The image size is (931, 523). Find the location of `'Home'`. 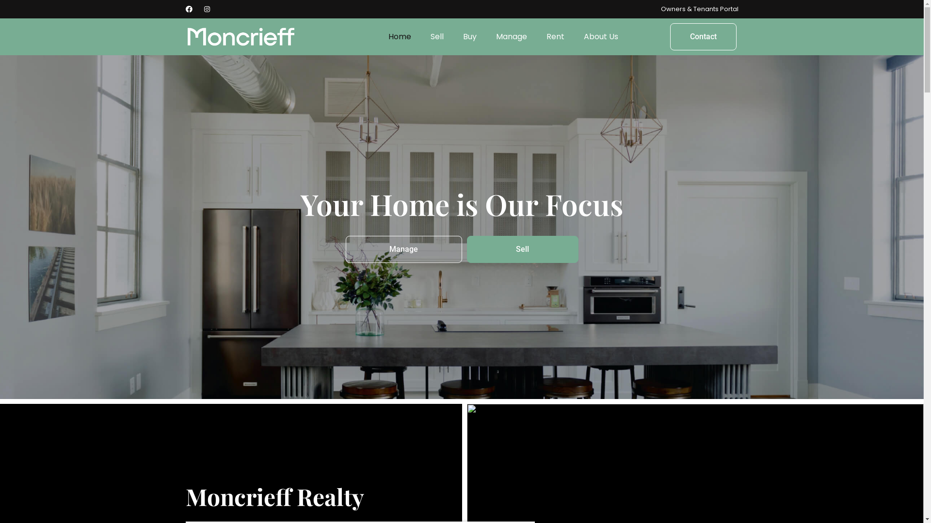

'Home' is located at coordinates (377, 36).